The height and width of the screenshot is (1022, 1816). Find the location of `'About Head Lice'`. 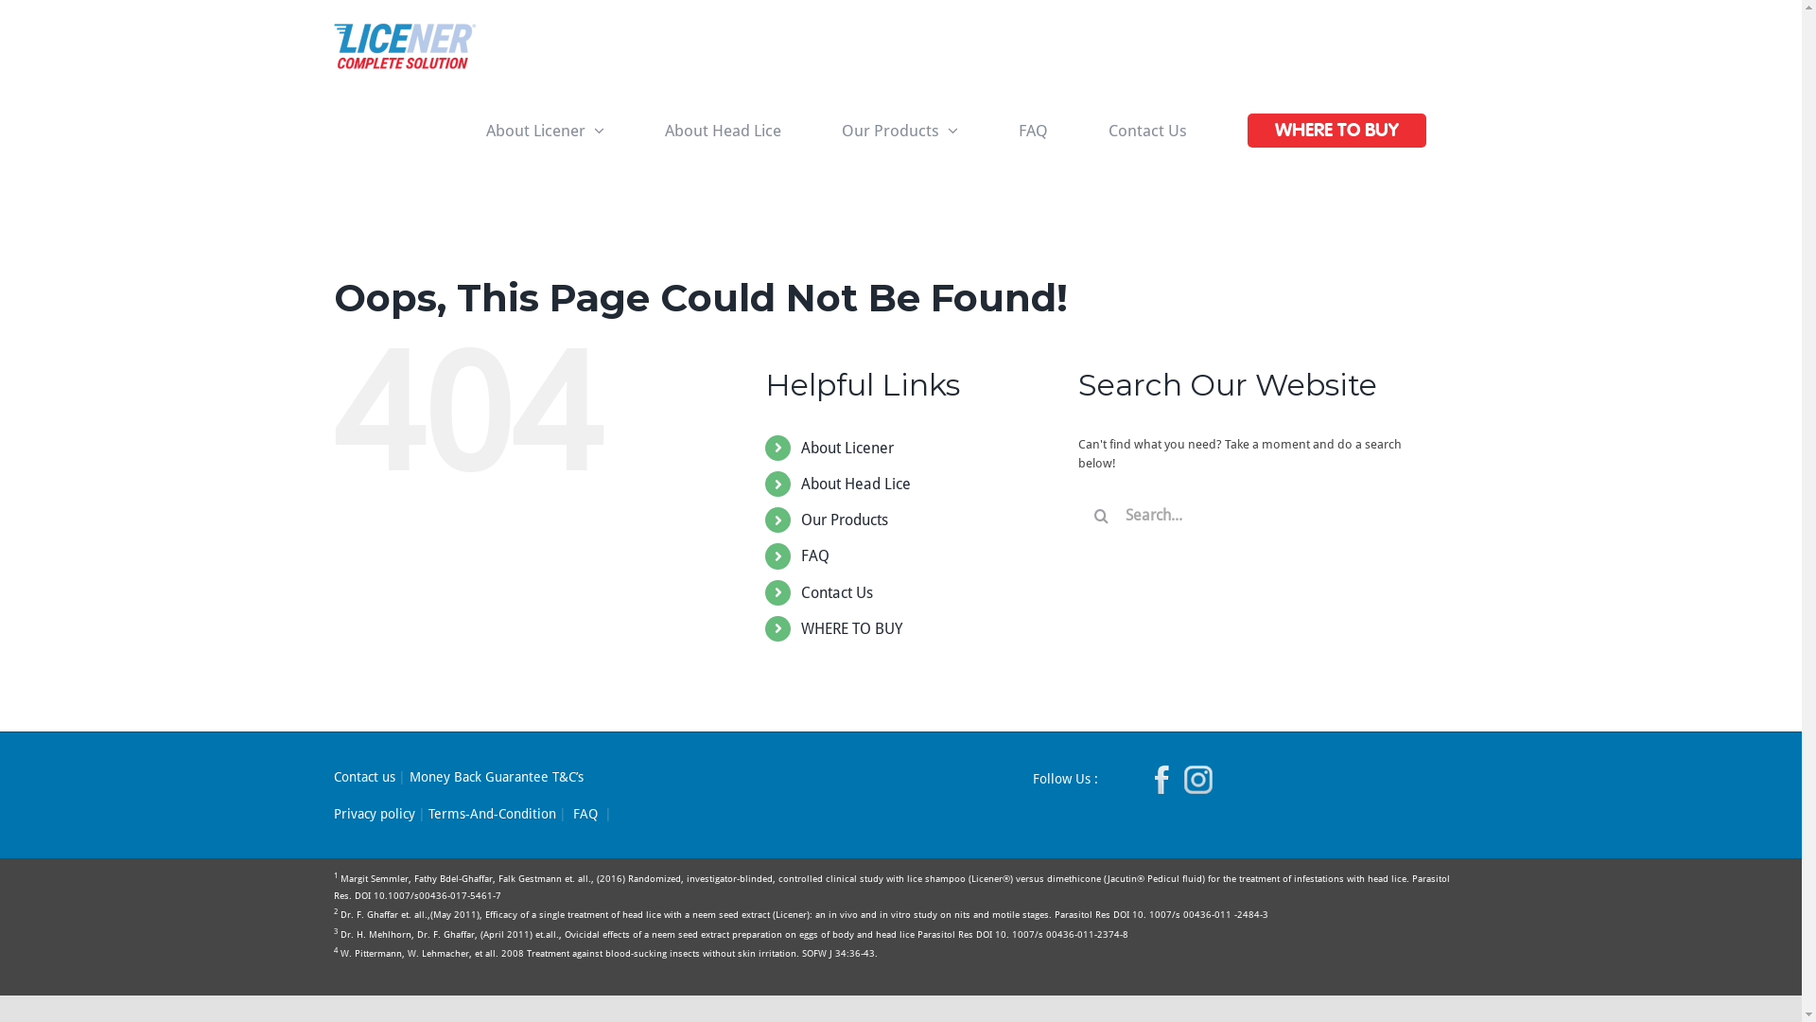

'About Head Lice' is located at coordinates (722, 130).